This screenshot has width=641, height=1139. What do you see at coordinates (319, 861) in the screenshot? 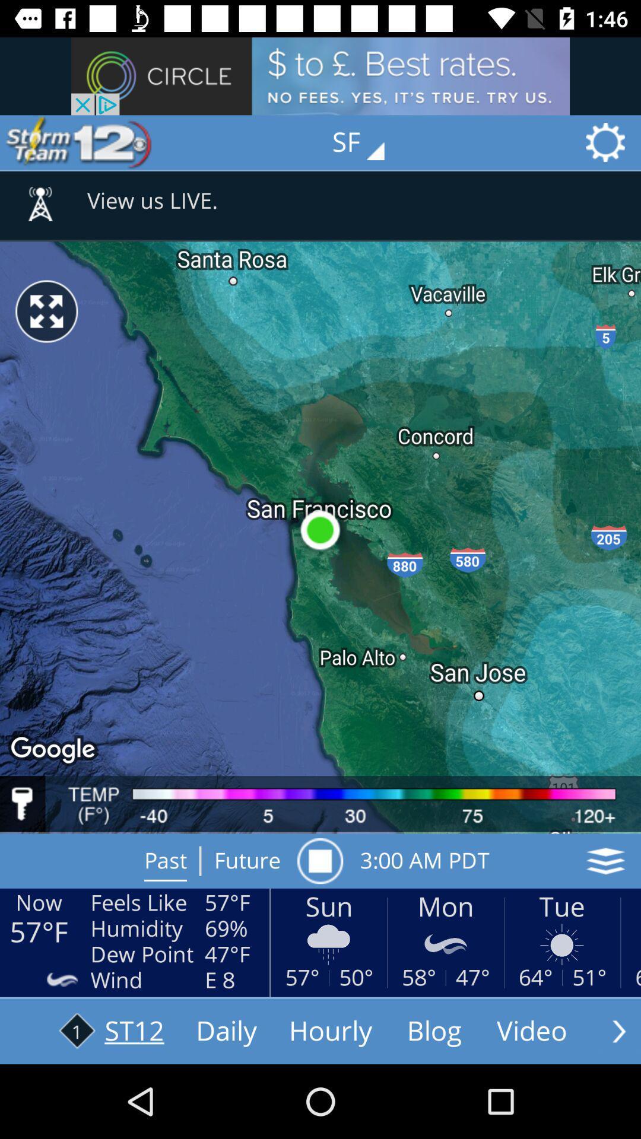
I see `item above the sun item` at bounding box center [319, 861].